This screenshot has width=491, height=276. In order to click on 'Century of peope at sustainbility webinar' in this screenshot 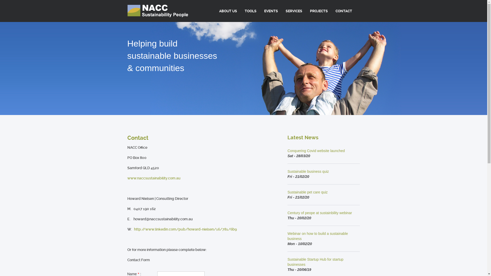, I will do `click(319, 213)`.